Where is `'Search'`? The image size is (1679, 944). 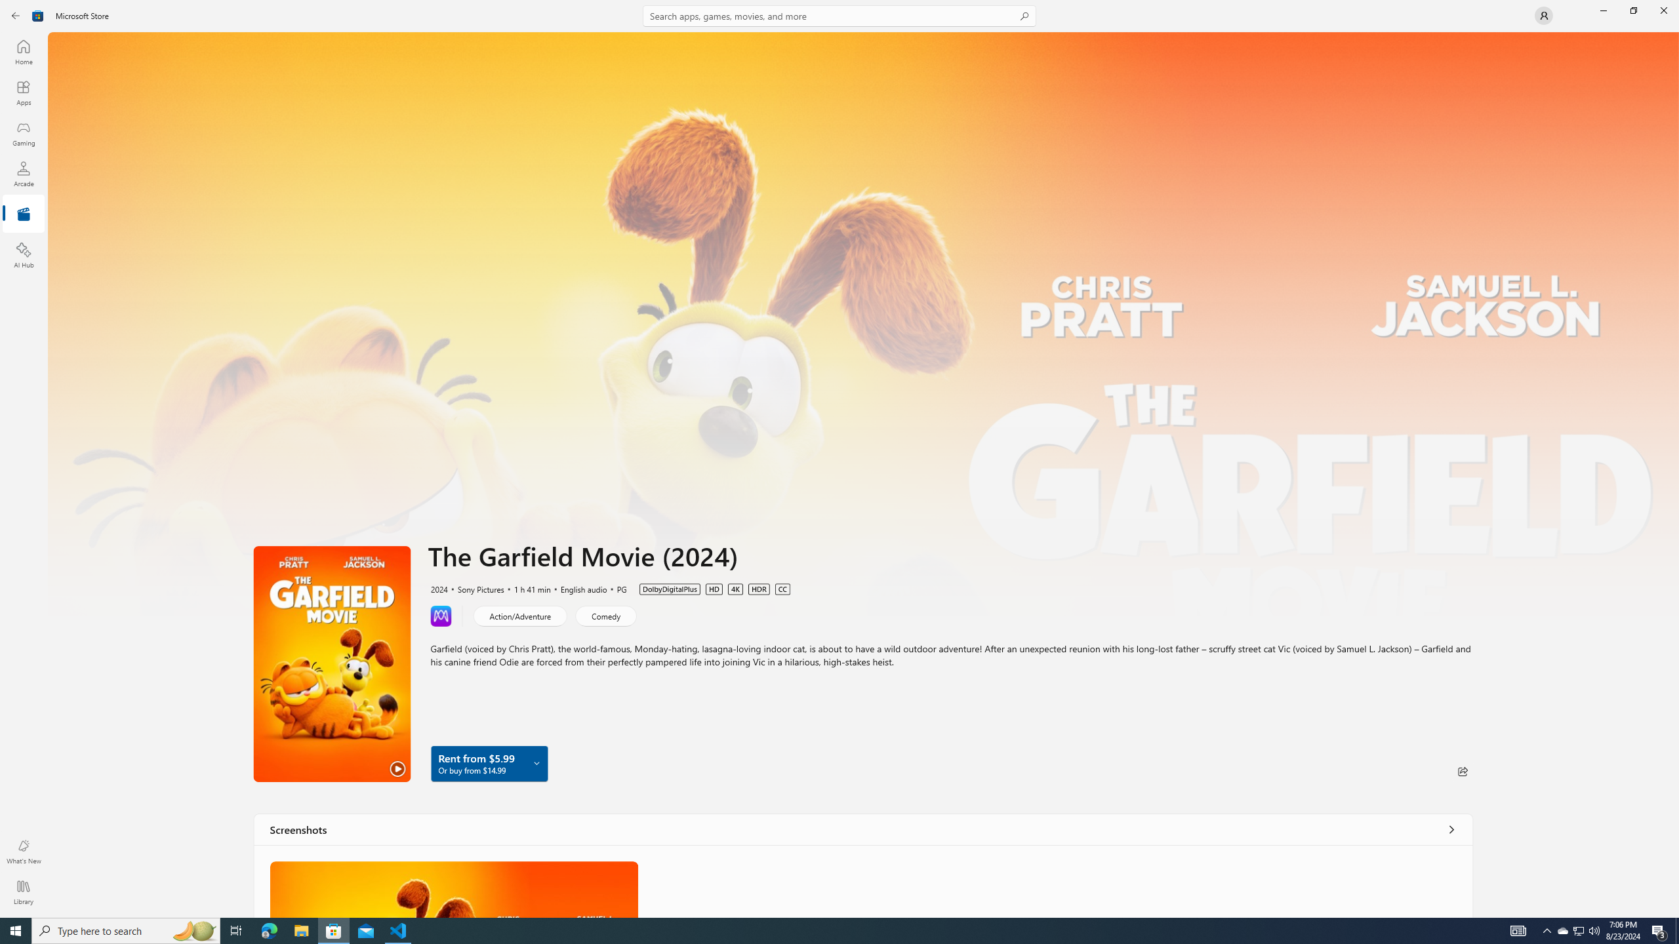 'Search' is located at coordinates (839, 15).